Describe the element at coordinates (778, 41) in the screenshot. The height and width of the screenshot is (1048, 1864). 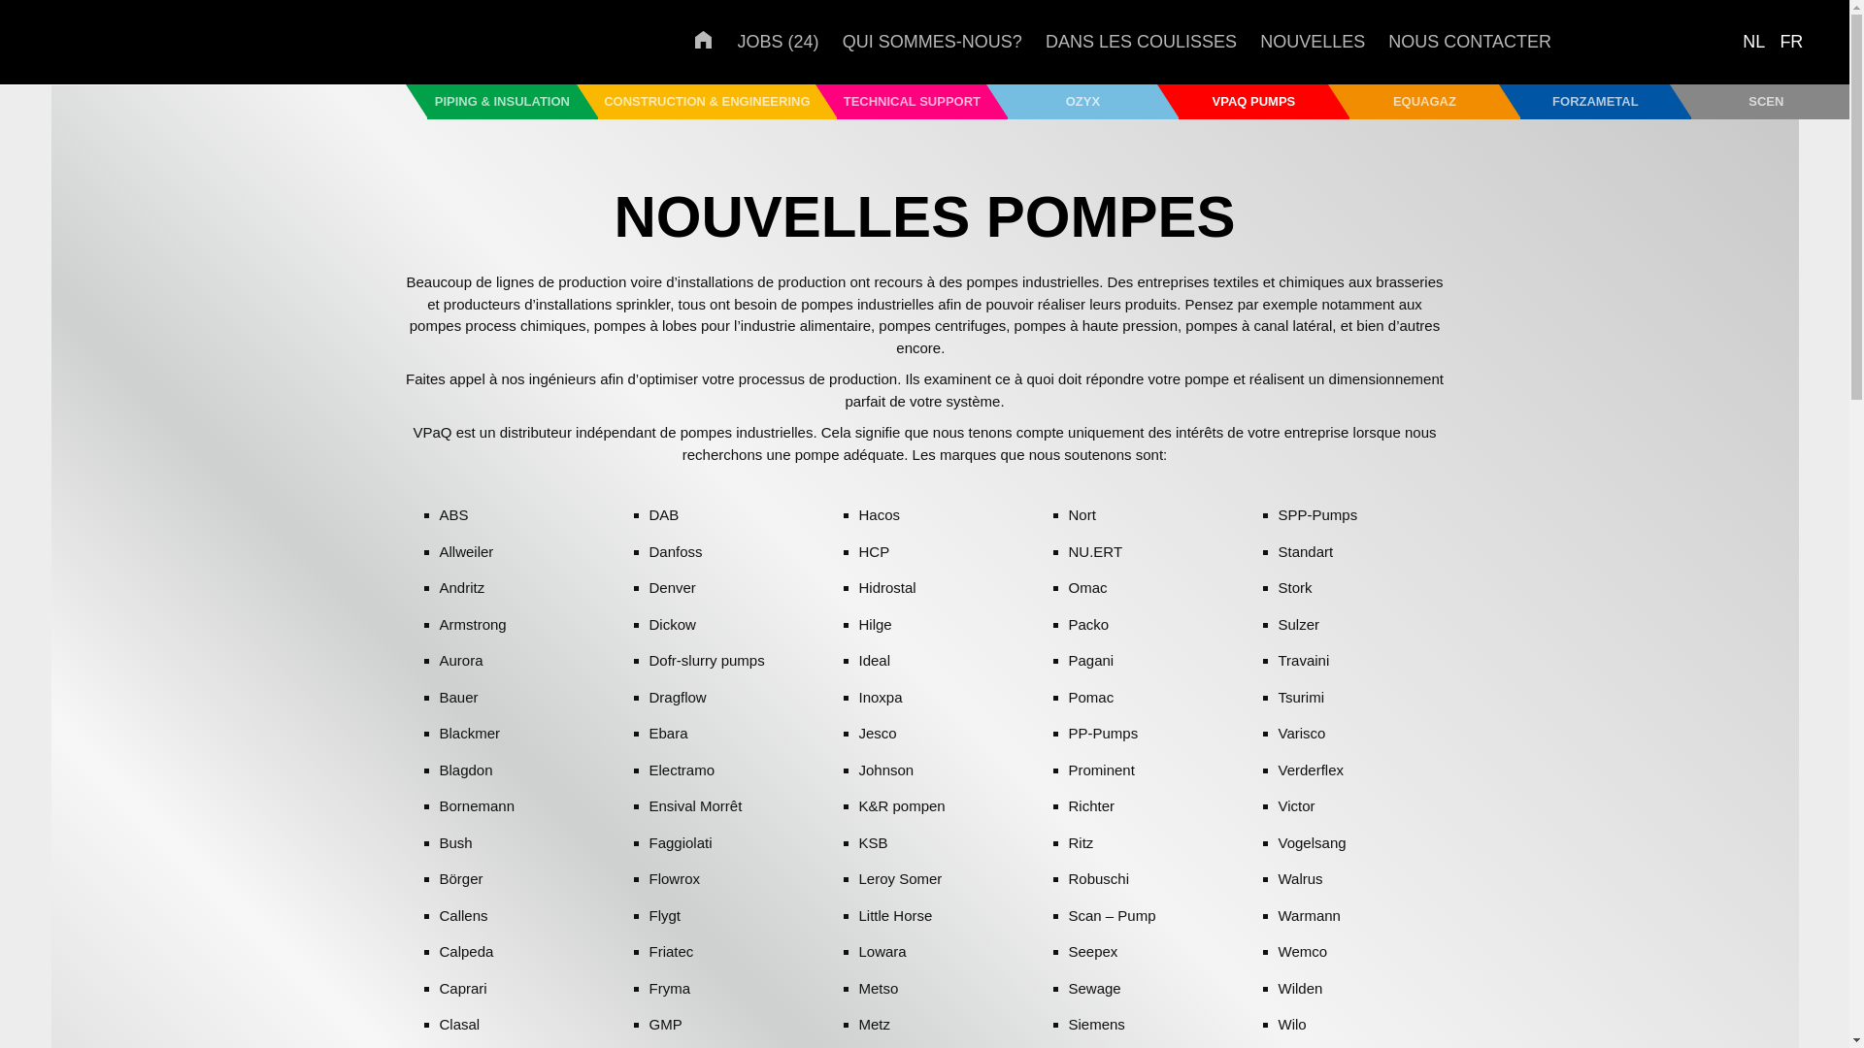
I see `'JOBS (24)'` at that location.